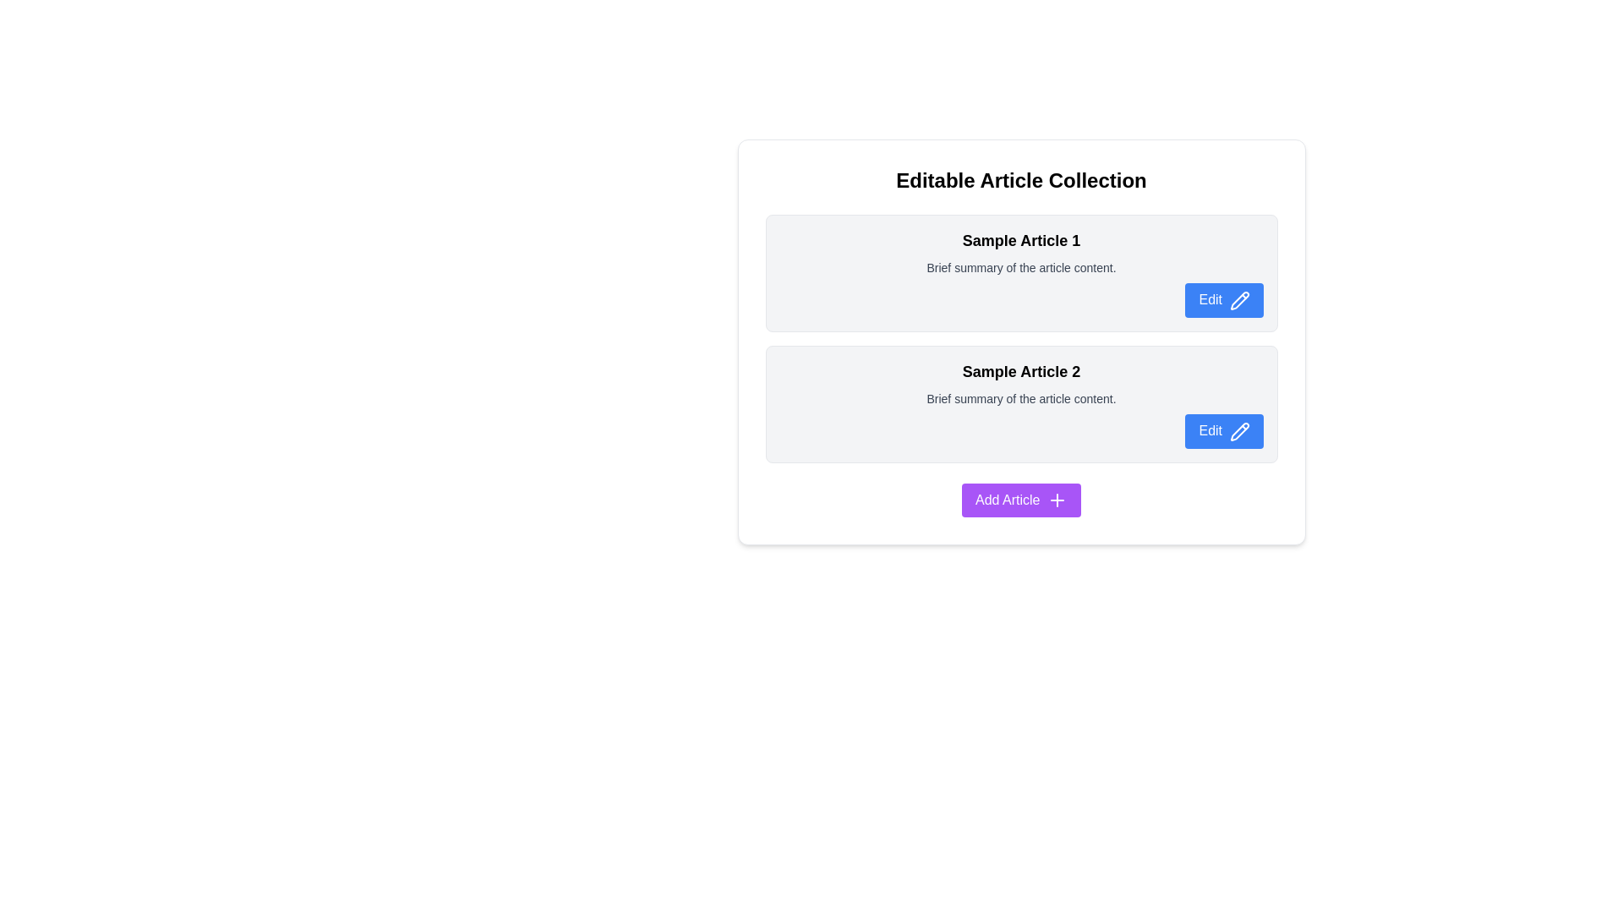 This screenshot has width=1623, height=913. What do you see at coordinates (1020, 398) in the screenshot?
I see `the static text label that contains the text 'Brief summary of the article content.' which is styled with a smaller font size and gray color, positioned below the header 'Sample Article 2' within a card layout` at bounding box center [1020, 398].